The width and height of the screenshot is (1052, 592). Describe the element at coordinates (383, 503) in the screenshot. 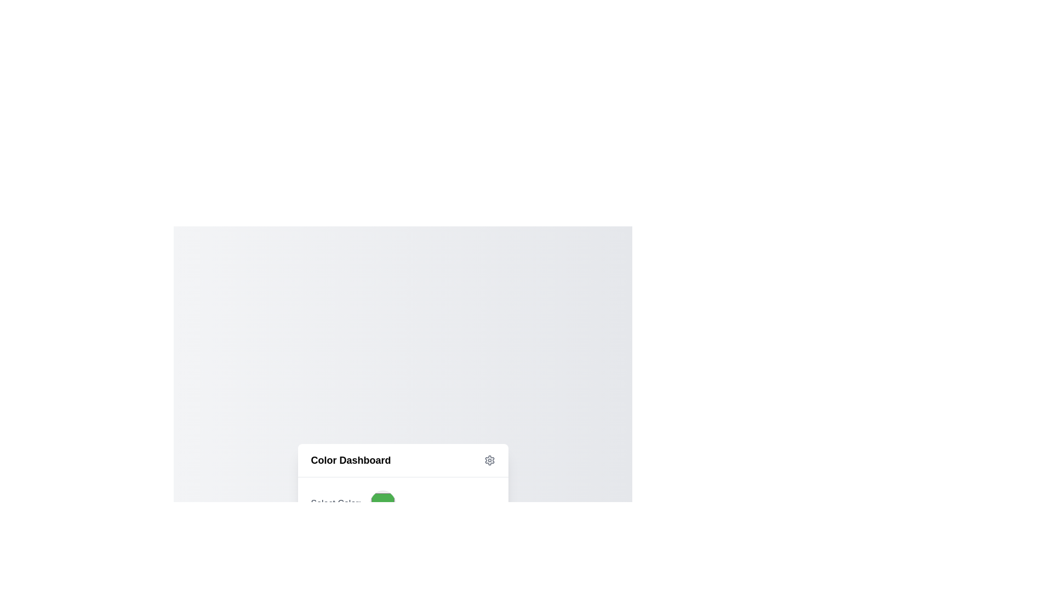

I see `the Color Picker button to enable keyboard input for color selection` at that location.